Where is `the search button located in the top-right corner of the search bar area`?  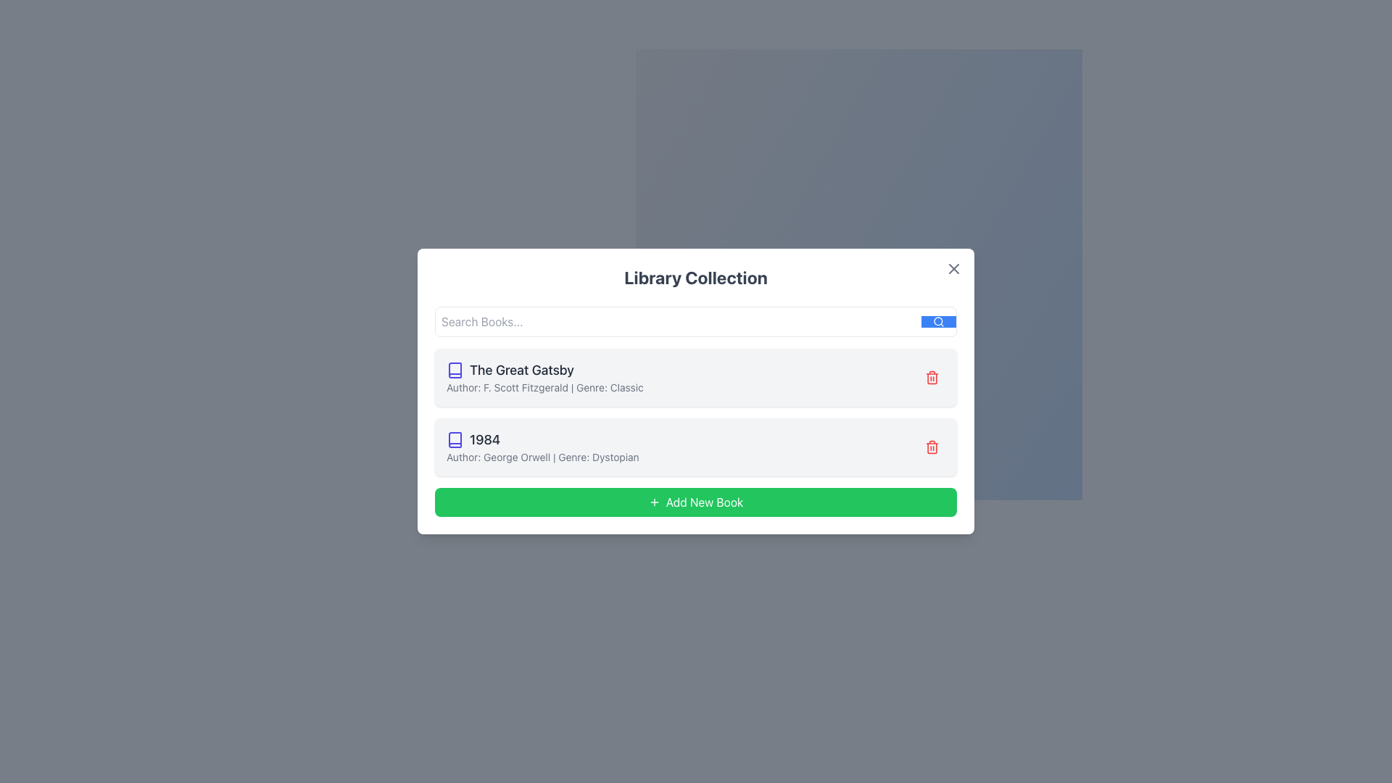 the search button located in the top-right corner of the search bar area is located at coordinates (939, 320).